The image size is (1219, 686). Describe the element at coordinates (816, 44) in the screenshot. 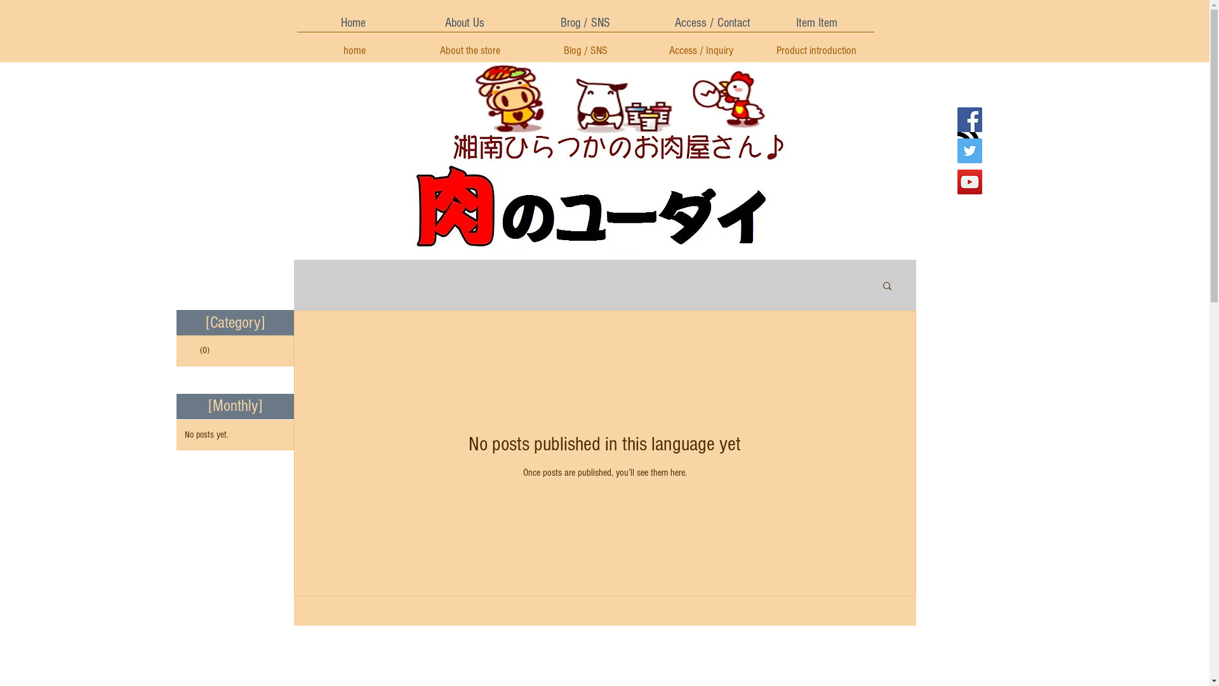

I see `'Product introduction'` at that location.